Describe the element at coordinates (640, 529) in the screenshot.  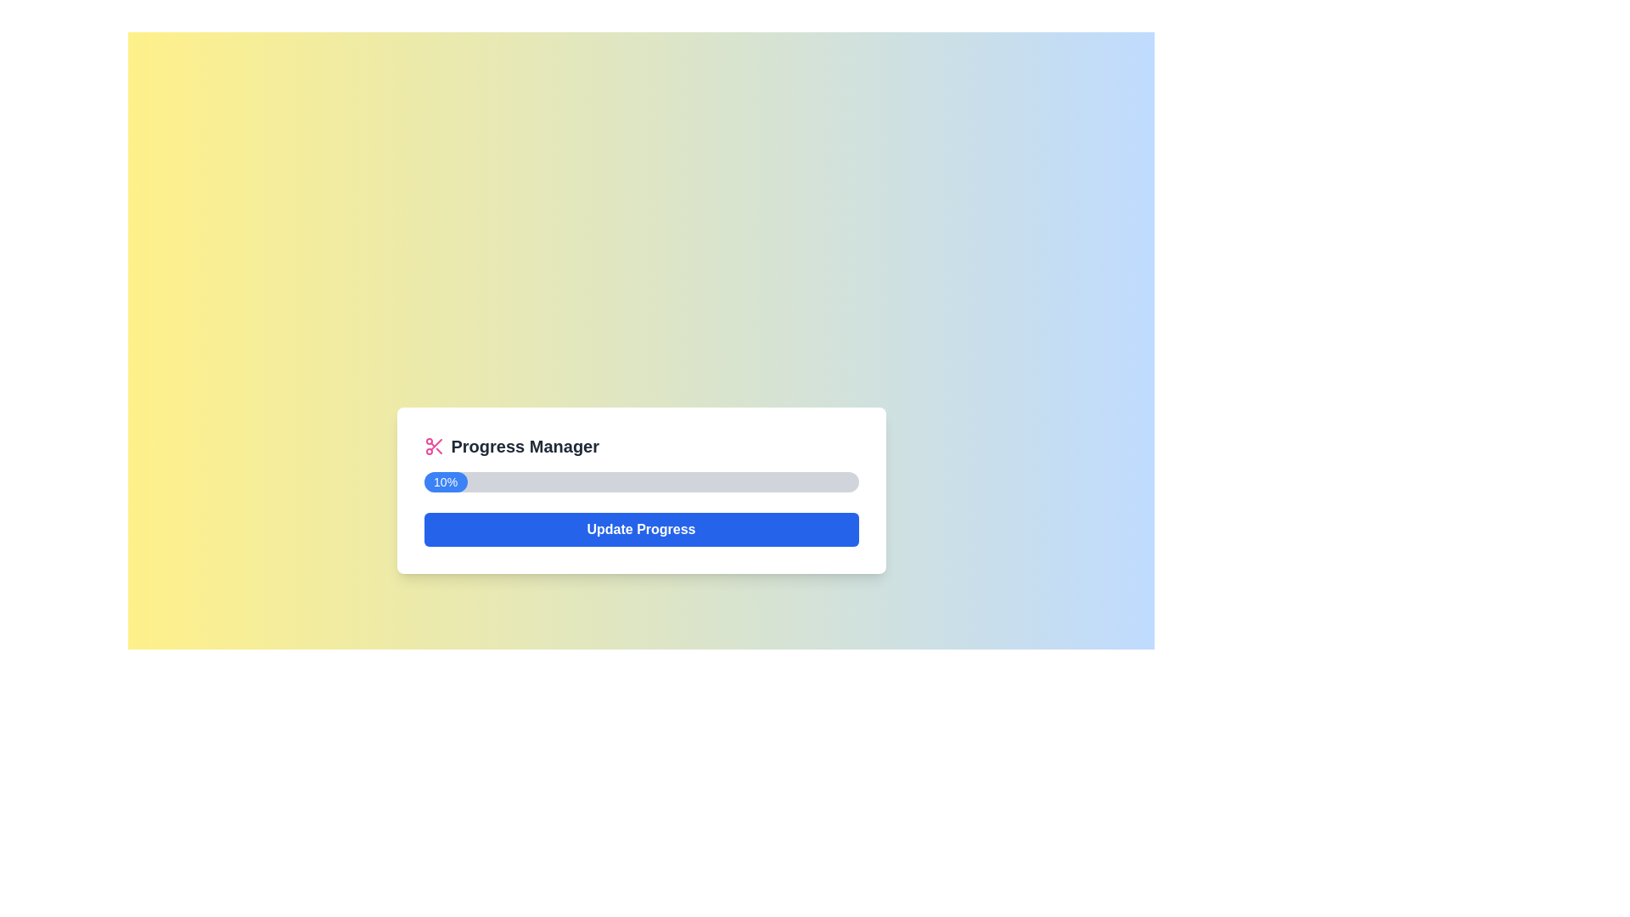
I see `the button located at the bottom of the 'Progress Manager' card` at that location.